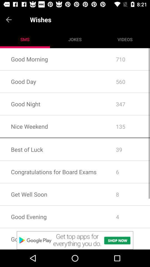  I want to click on the good week item, so click(52, 238).